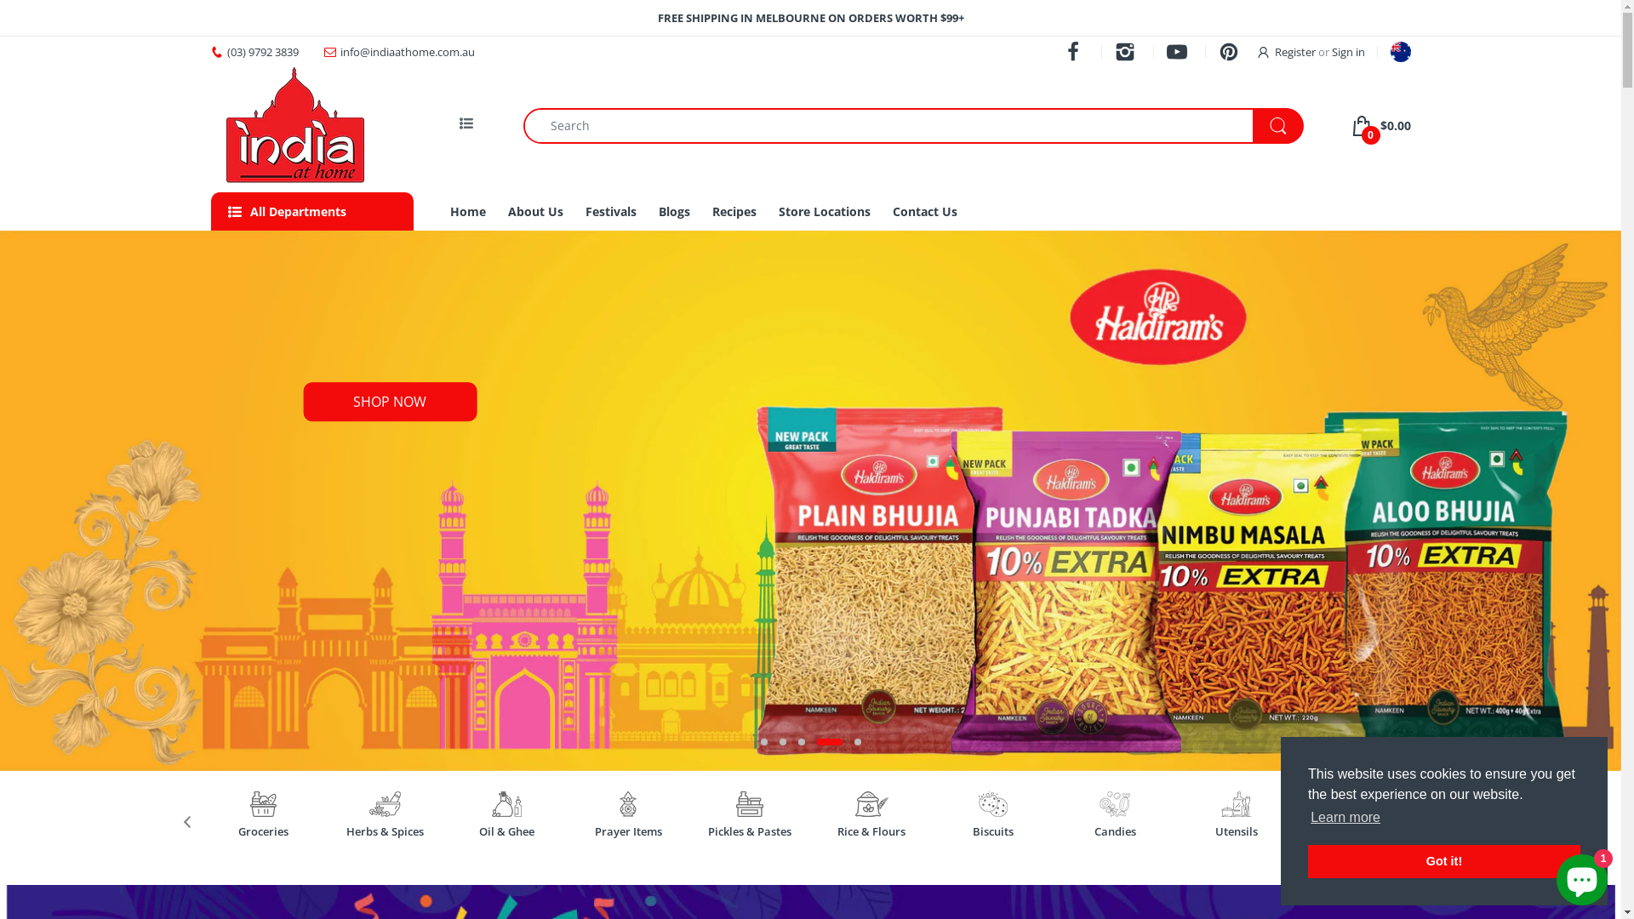 The image size is (1634, 919). What do you see at coordinates (340, 51) in the screenshot?
I see `'info@indiaathome.com.au'` at bounding box center [340, 51].